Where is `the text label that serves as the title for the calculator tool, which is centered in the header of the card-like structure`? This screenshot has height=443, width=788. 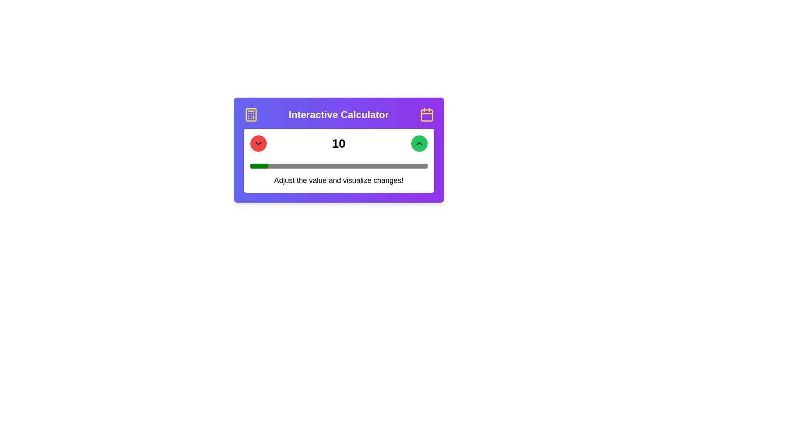 the text label that serves as the title for the calculator tool, which is centered in the header of the card-like structure is located at coordinates (339, 115).